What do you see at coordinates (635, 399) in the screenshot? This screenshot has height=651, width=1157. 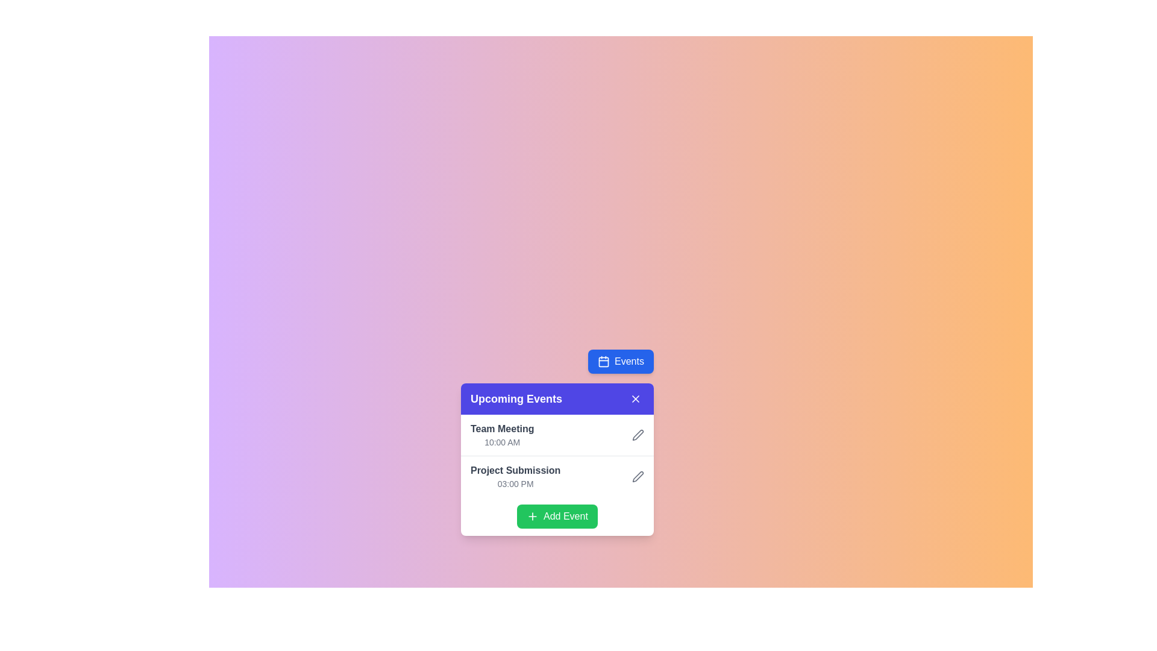 I see `the circular button with a purple background featuring an 'X' shape located at the top-right corner of the 'Upcoming Events' header section to change its background color` at bounding box center [635, 399].